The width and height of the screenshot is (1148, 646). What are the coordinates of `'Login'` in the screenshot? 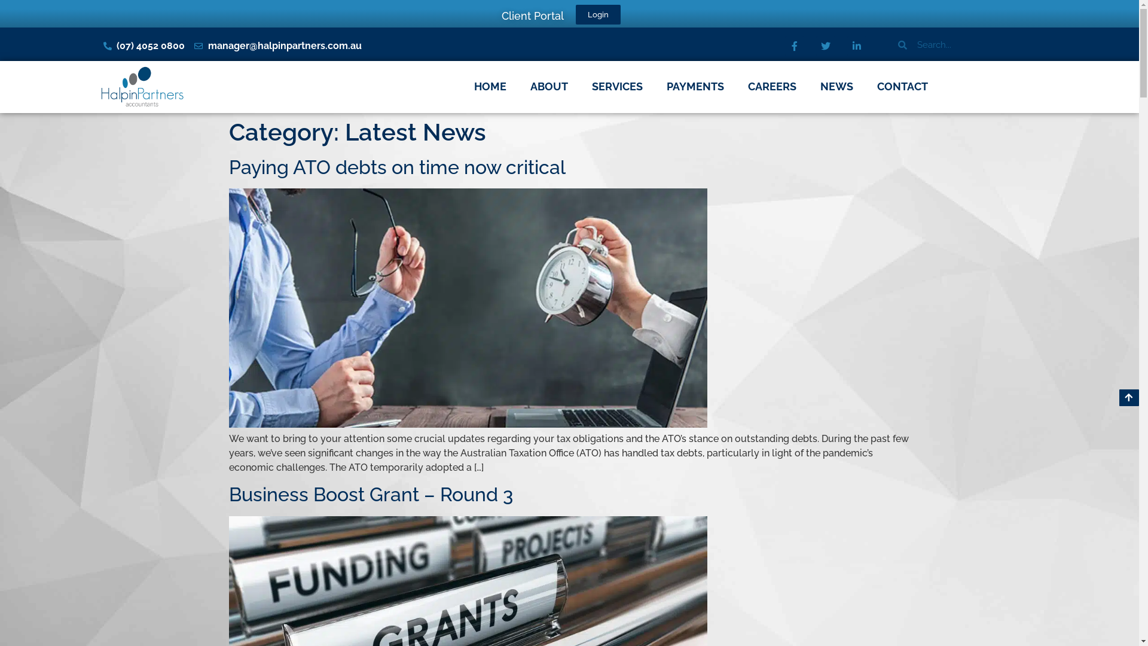 It's located at (575, 14).